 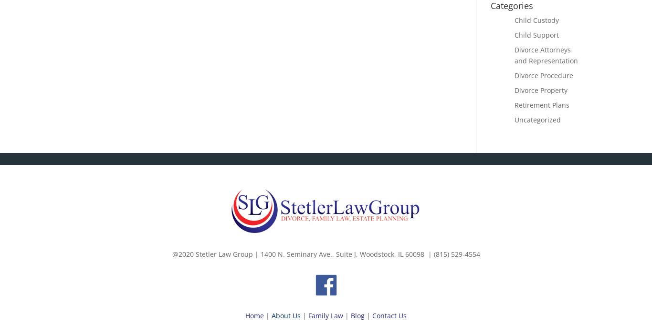 I want to click on 'Child Support', so click(x=513, y=34).